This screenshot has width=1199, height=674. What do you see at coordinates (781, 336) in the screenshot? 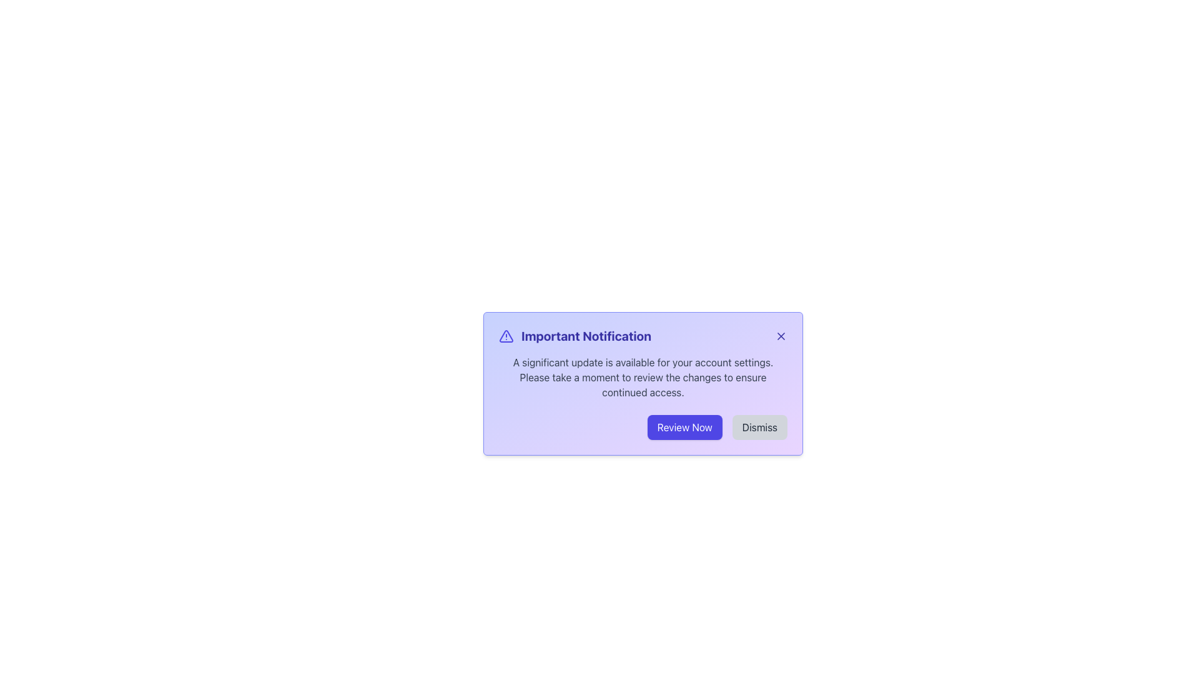
I see `the red 'X' icon located in the upper-right corner of the notification dialog` at bounding box center [781, 336].